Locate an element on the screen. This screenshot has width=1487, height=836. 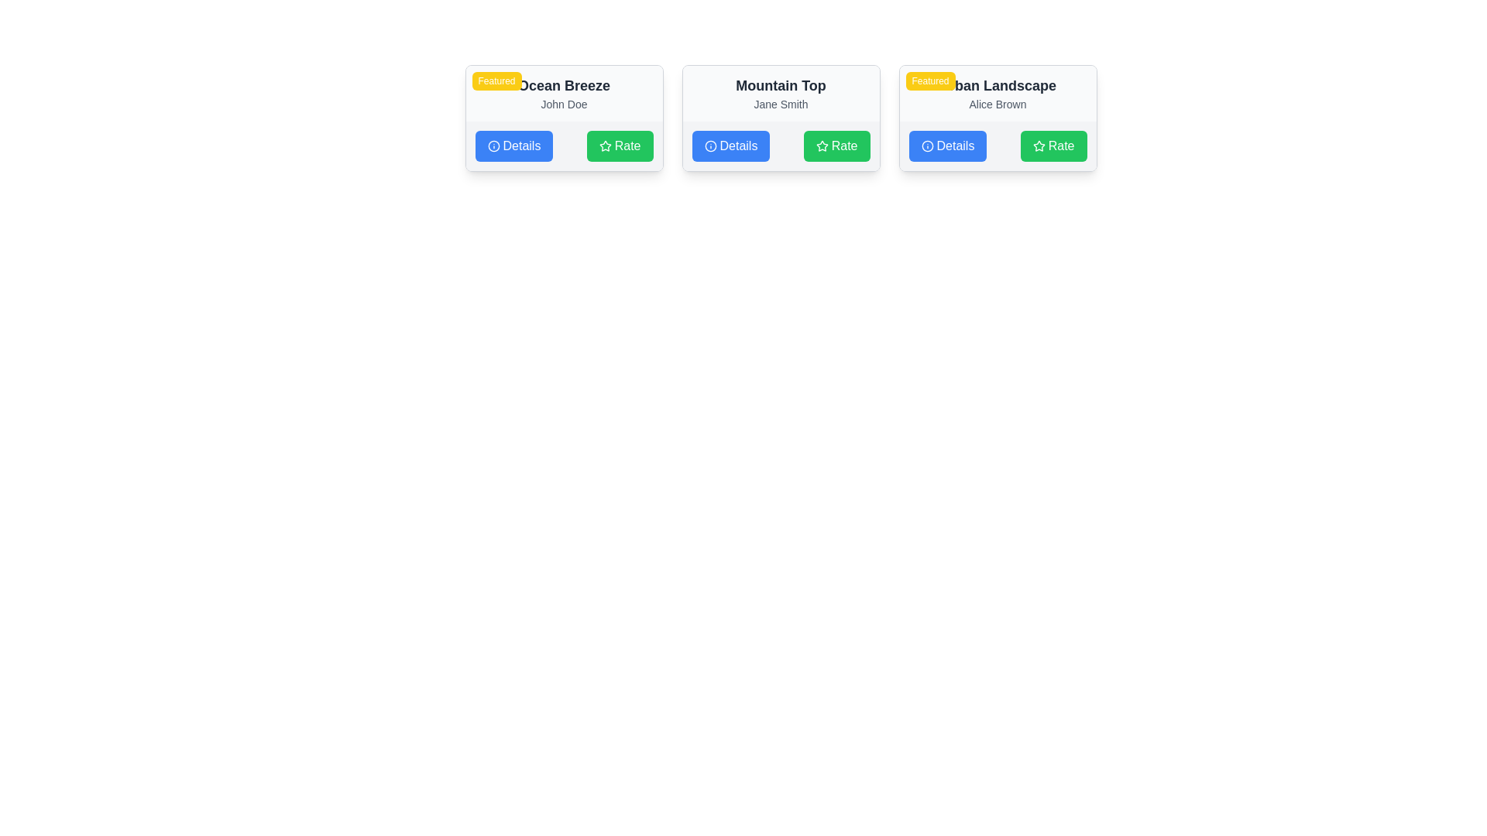
the star icon within the 'Rate' button for the 'Mountain Top' card, which indicates rating or feedback functionality is located at coordinates (821, 146).